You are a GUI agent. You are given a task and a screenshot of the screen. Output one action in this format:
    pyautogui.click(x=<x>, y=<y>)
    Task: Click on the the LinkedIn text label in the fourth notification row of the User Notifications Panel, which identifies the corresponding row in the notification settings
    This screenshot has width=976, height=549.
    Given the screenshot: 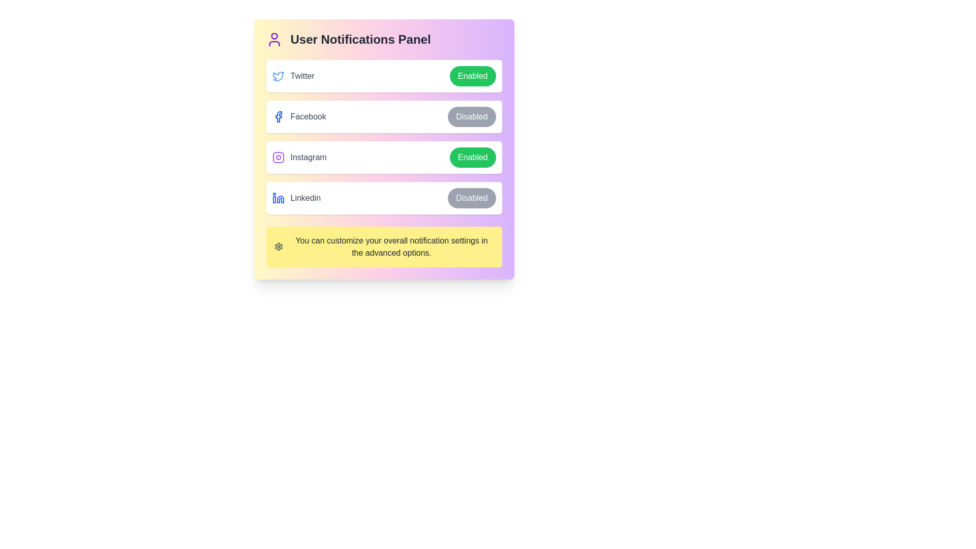 What is the action you would take?
    pyautogui.click(x=305, y=198)
    